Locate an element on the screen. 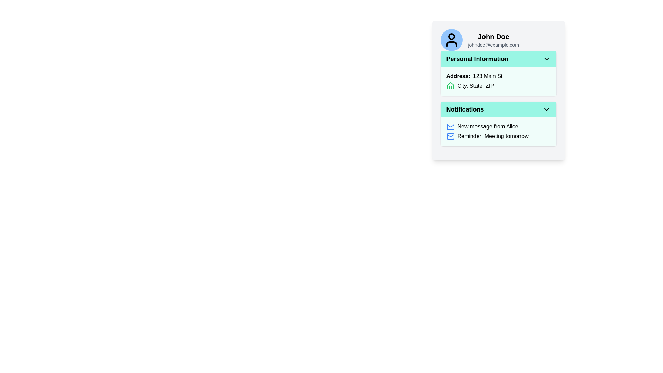  the Notification item displaying a new message from Alice visually is located at coordinates (498, 126).